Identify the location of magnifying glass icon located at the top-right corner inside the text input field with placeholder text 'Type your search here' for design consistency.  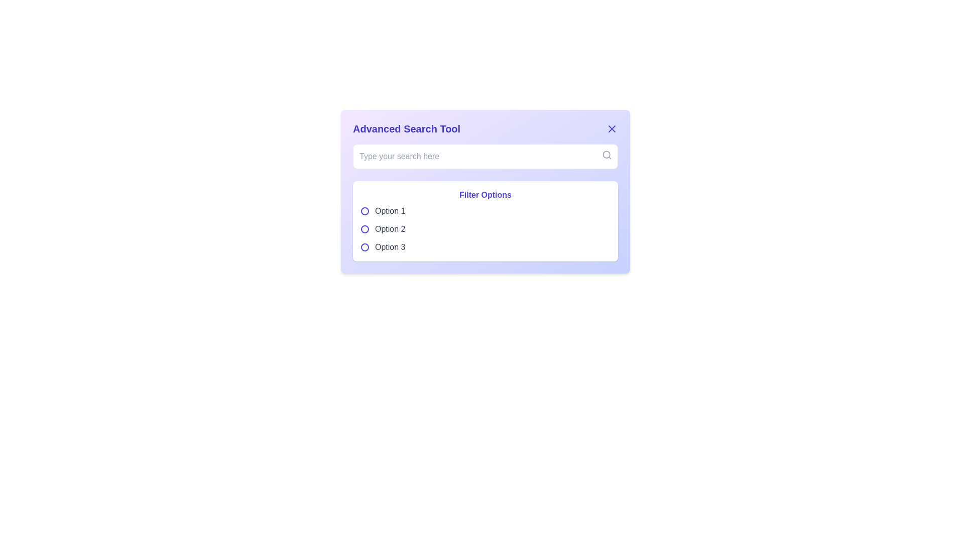
(607, 155).